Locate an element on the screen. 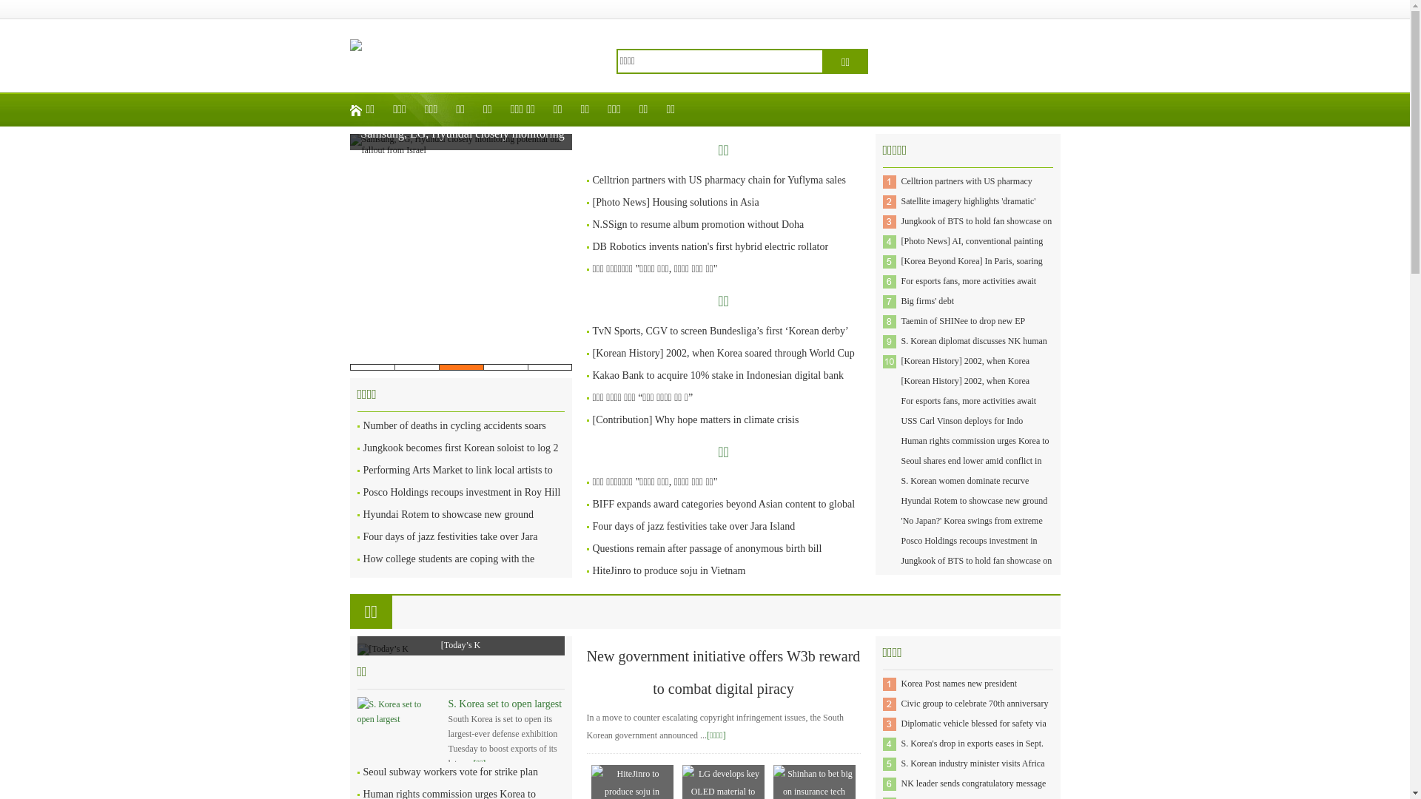  'For esports fans, more activities await beyond LoL matches' is located at coordinates (969, 291).